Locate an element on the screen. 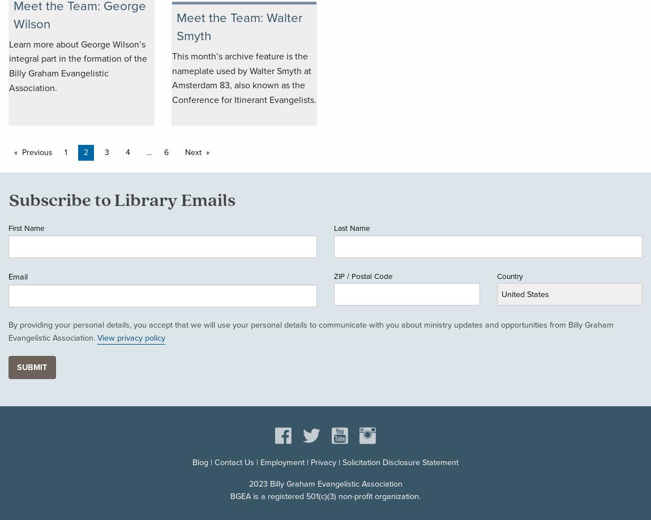  'Solicitation Disclosure Statement' is located at coordinates (400, 462).